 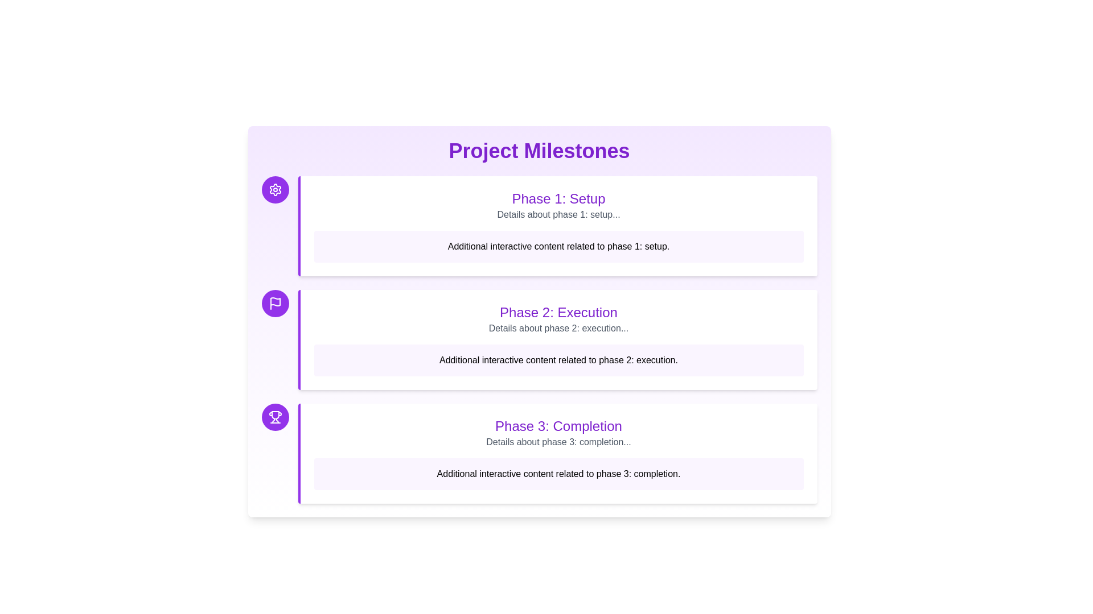 What do you see at coordinates (558, 215) in the screenshot?
I see `the text 'Details about phase 1: setup...'` at bounding box center [558, 215].